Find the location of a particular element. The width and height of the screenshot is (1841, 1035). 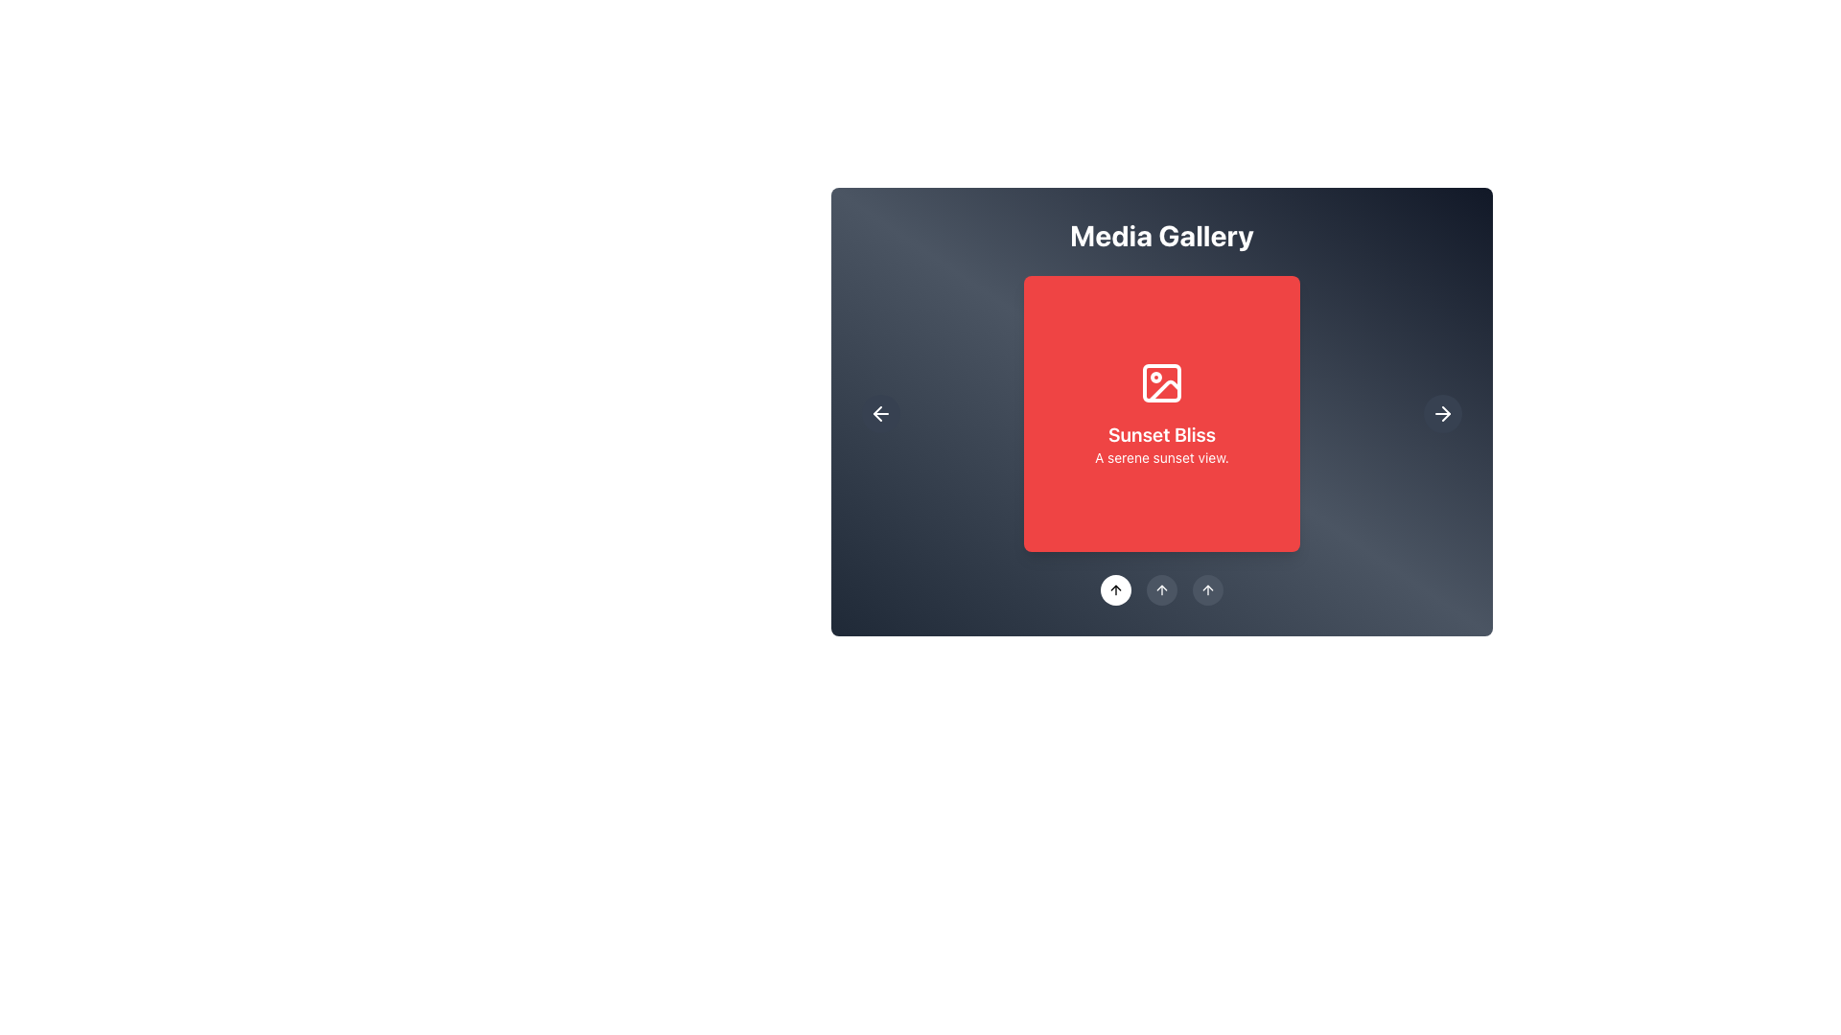

title text label located centrally in the highlighted red square component of the 'Media Gallery' interface, positioned above the subtitle 'A serene sunset view.' is located at coordinates (1160, 435).